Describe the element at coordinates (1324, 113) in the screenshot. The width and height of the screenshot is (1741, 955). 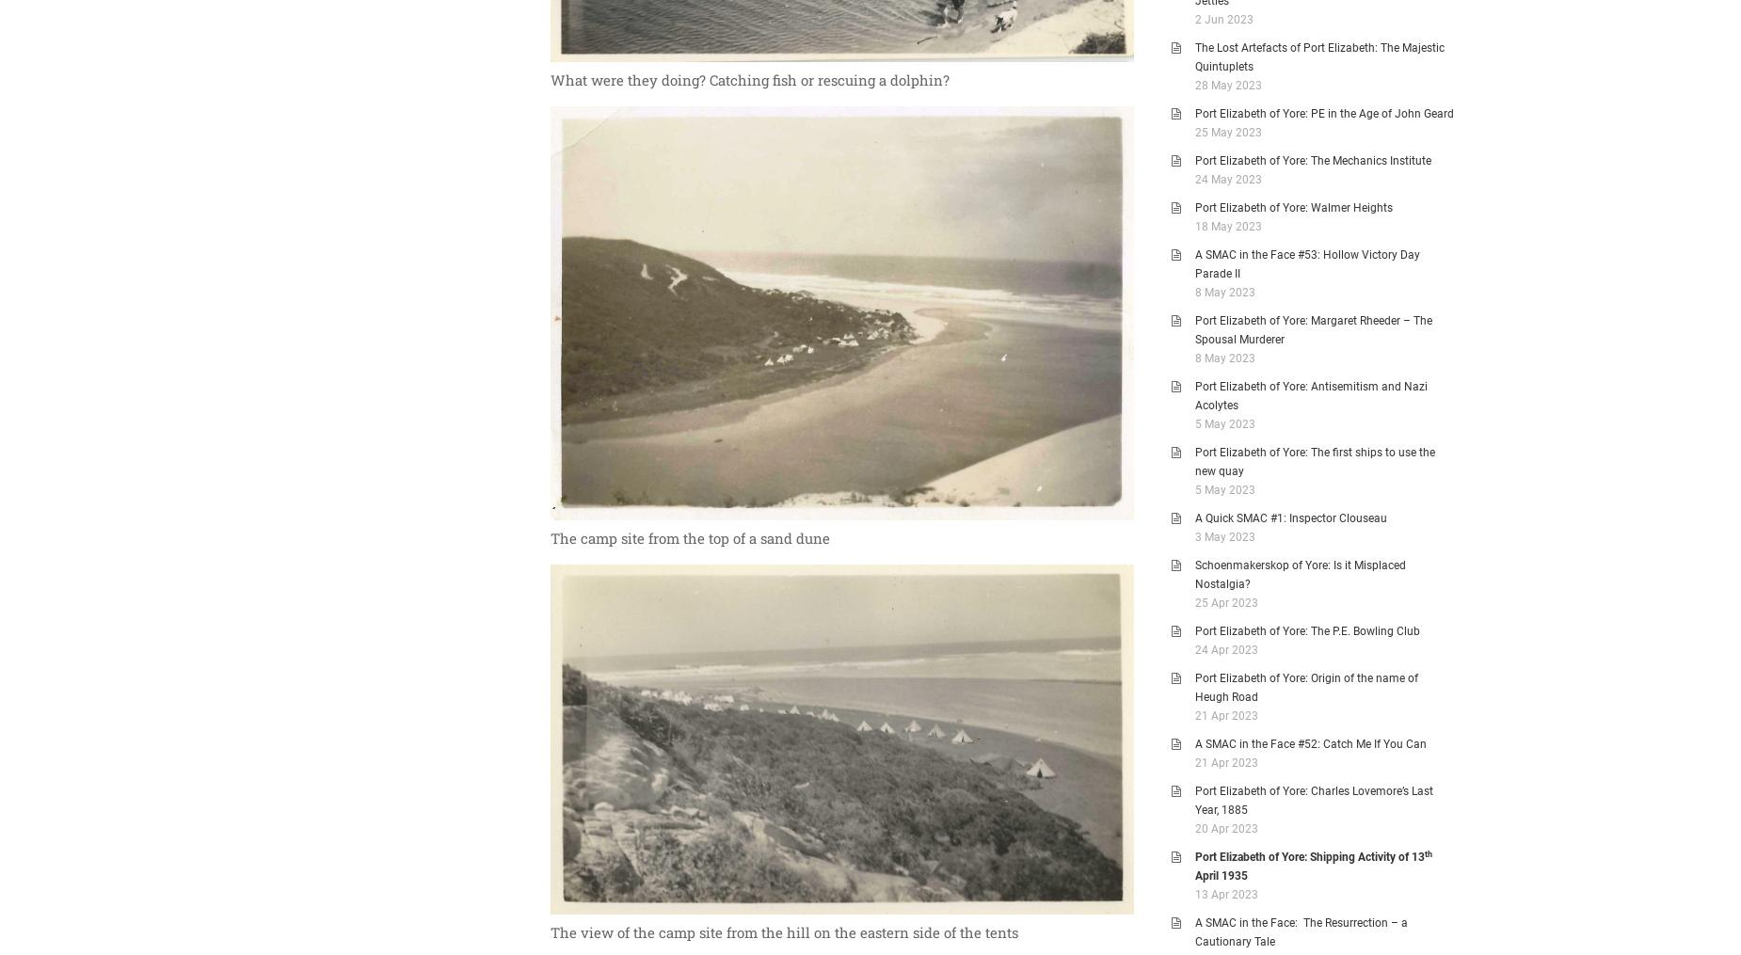
I see `'Port Elizabeth of Yore: PE in the Age of John Geard'` at that location.